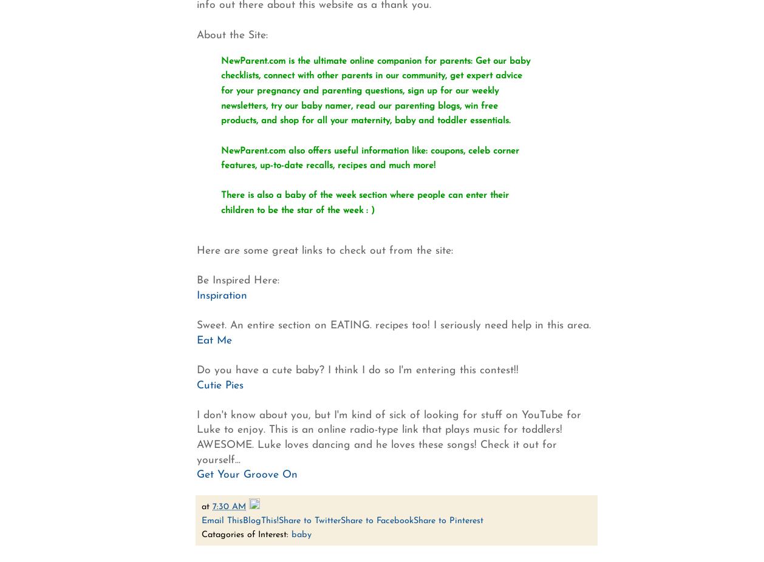 The image size is (764, 562). What do you see at coordinates (196, 437) in the screenshot?
I see `'I don't know about you, but I'm kind of sick of looking for stuff on YouTube for Luke to enjoy.  This is an online radio-type link that plays music for toddlers!  AWESOME.  Luke loves dancing and he loves these songs!  Check it out for yourself...'` at bounding box center [196, 437].